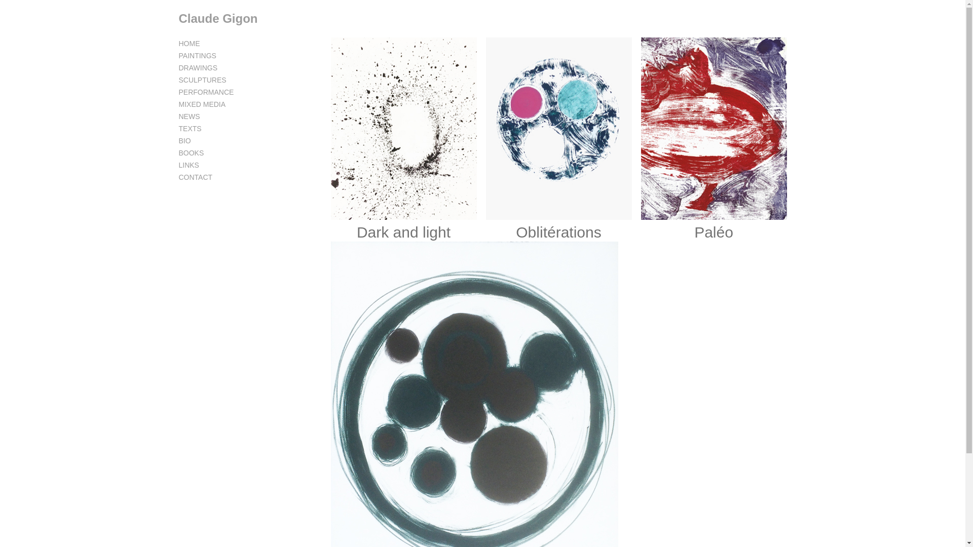 The image size is (973, 547). Describe the element at coordinates (188, 165) in the screenshot. I see `'LINKS'` at that location.